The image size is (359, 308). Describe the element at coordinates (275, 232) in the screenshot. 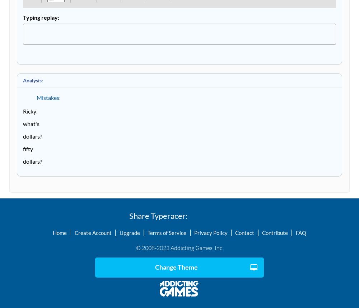

I see `'Contribute'` at that location.